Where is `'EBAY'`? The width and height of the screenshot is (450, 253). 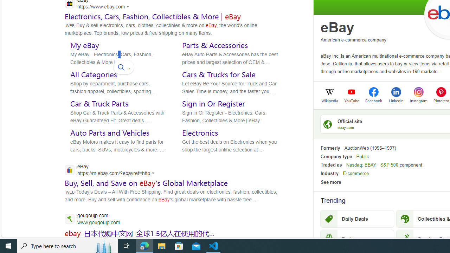 'EBAY' is located at coordinates (370, 165).